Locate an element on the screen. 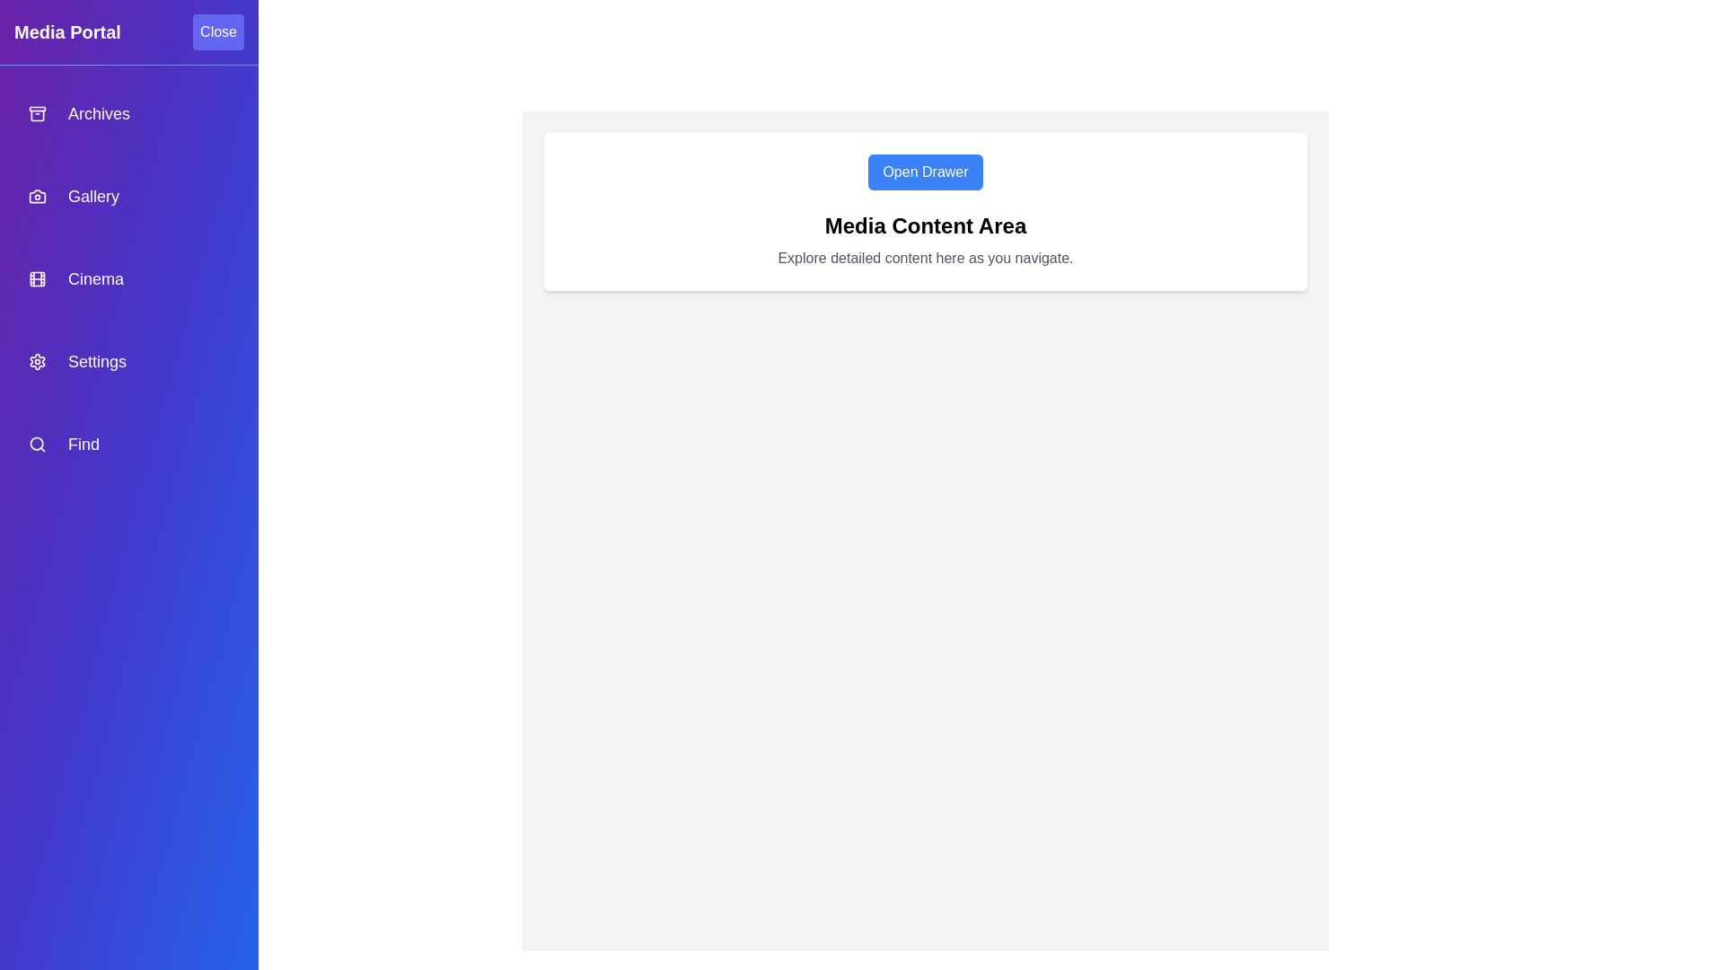 This screenshot has width=1724, height=970. 'Close' button to close the media drawer is located at coordinates (217, 31).